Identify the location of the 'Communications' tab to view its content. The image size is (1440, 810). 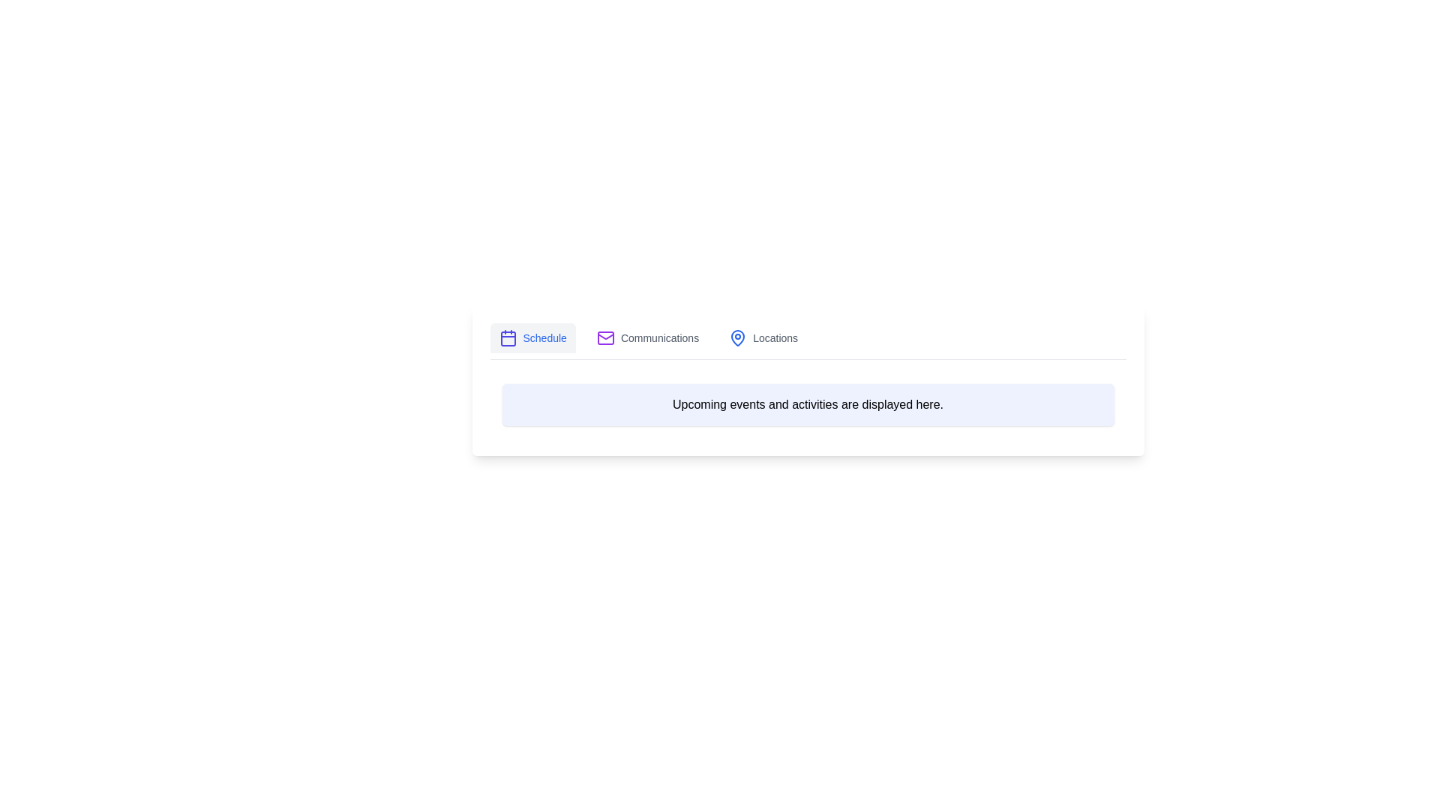
(648, 338).